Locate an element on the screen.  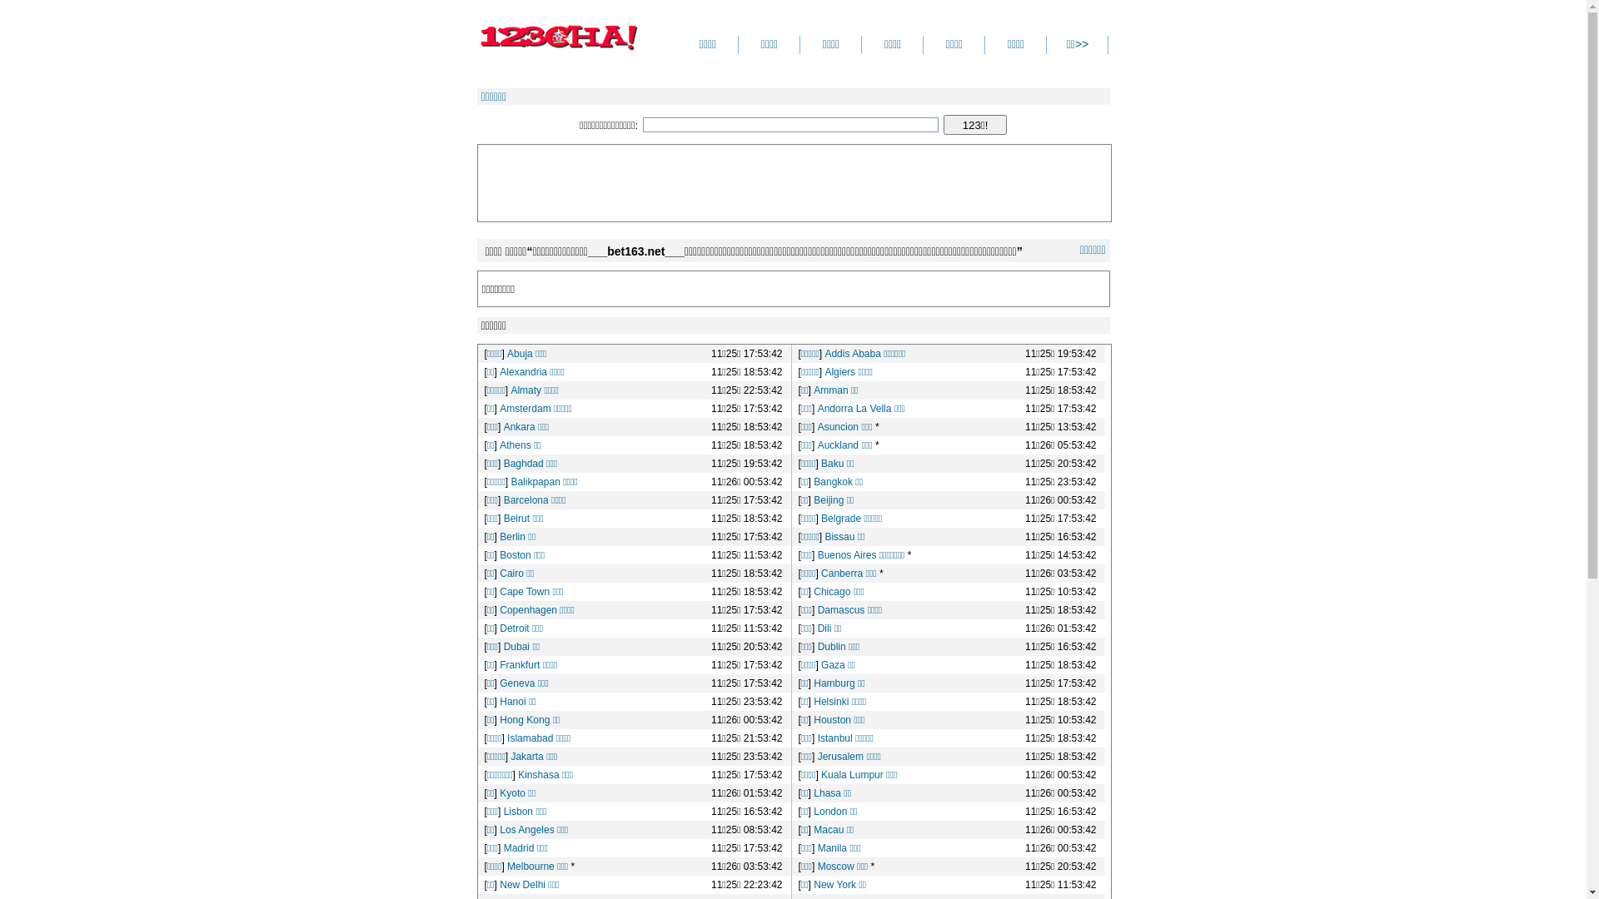
'Houston' is located at coordinates (832, 718).